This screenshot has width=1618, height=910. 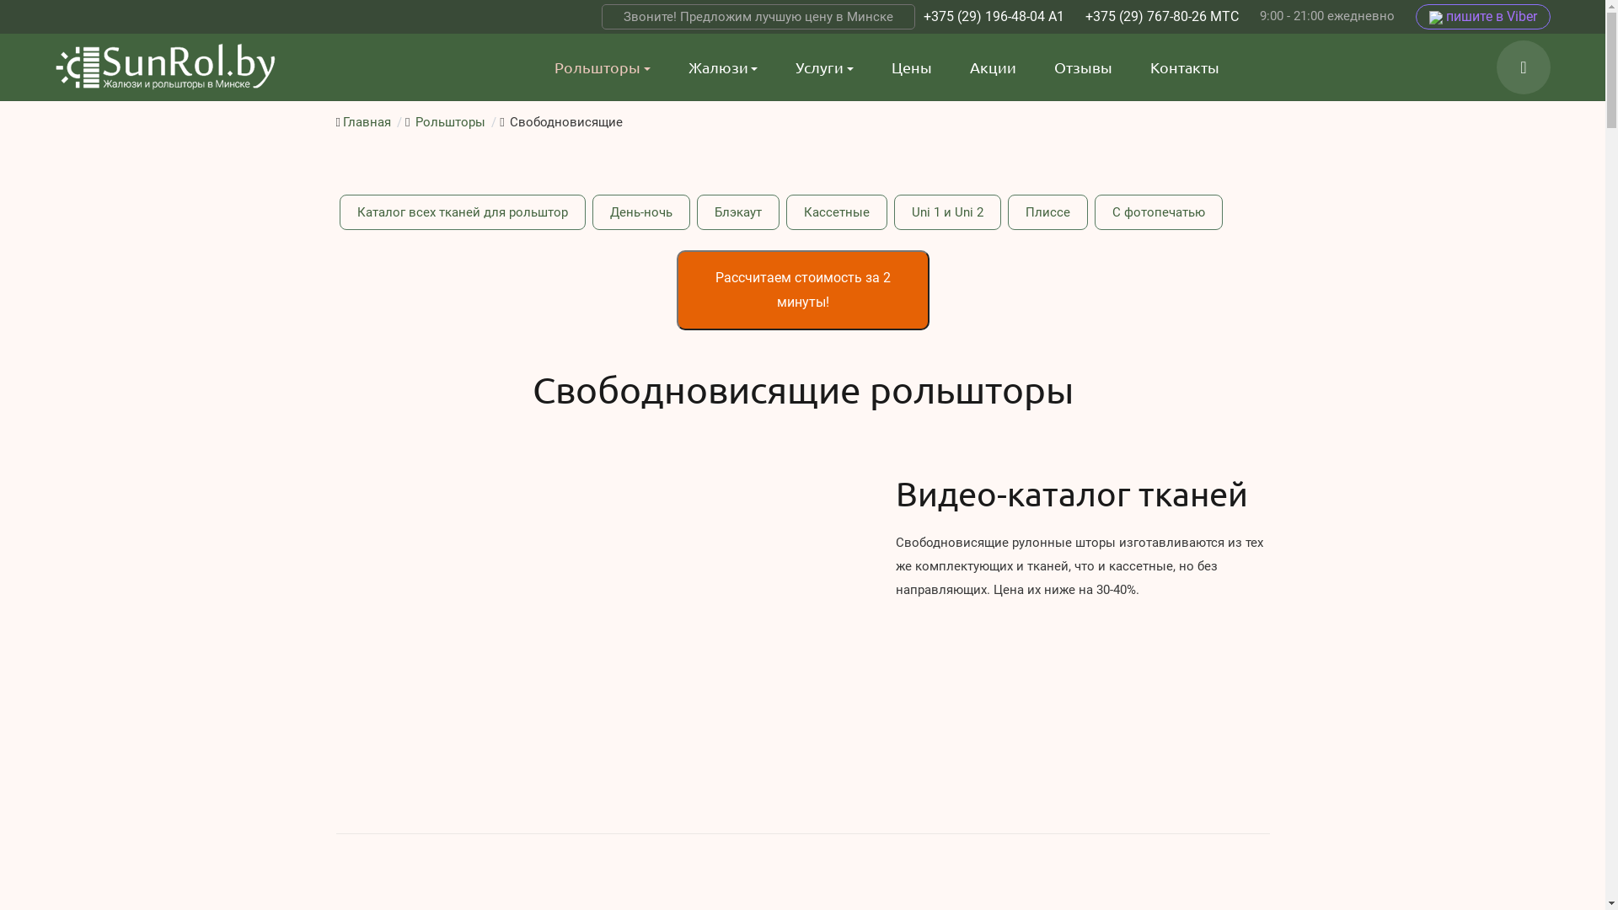 I want to click on 'SunRol.by', so click(x=165, y=67).